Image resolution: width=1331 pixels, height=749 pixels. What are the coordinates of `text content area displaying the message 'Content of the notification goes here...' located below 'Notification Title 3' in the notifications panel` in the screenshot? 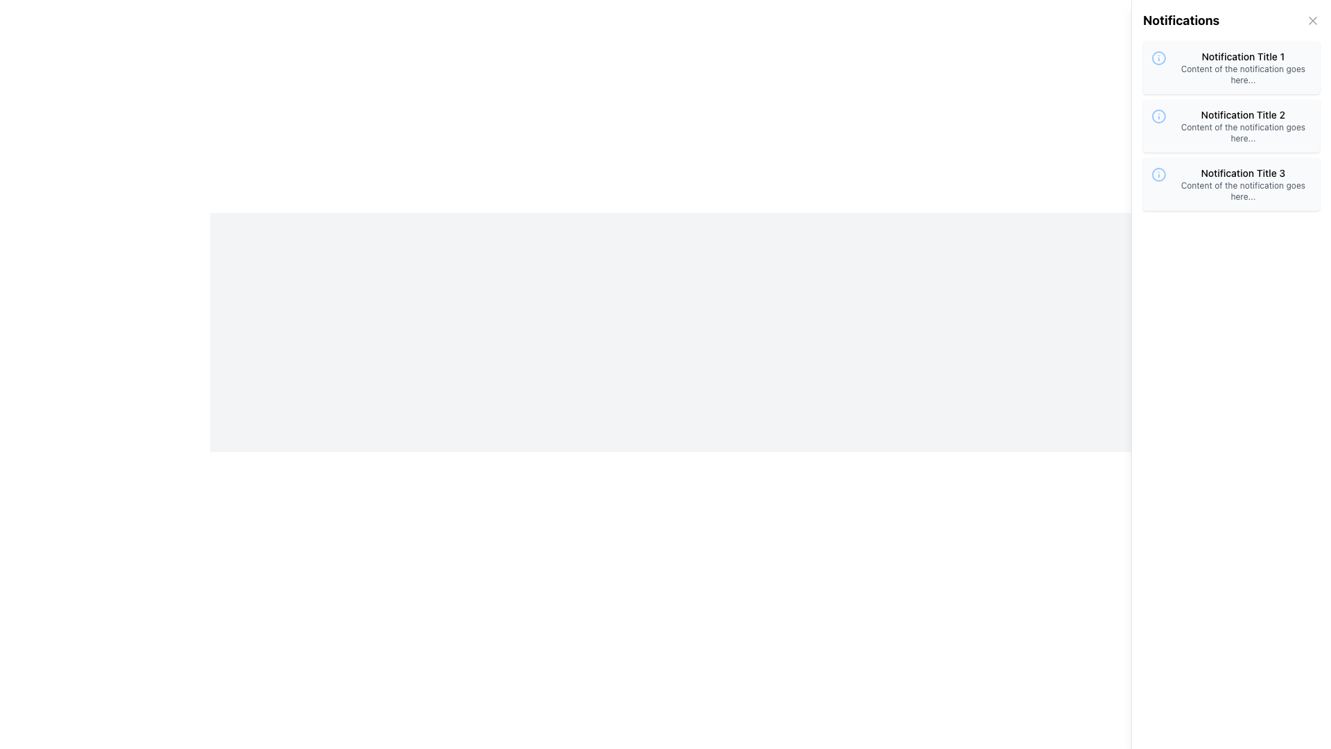 It's located at (1243, 191).